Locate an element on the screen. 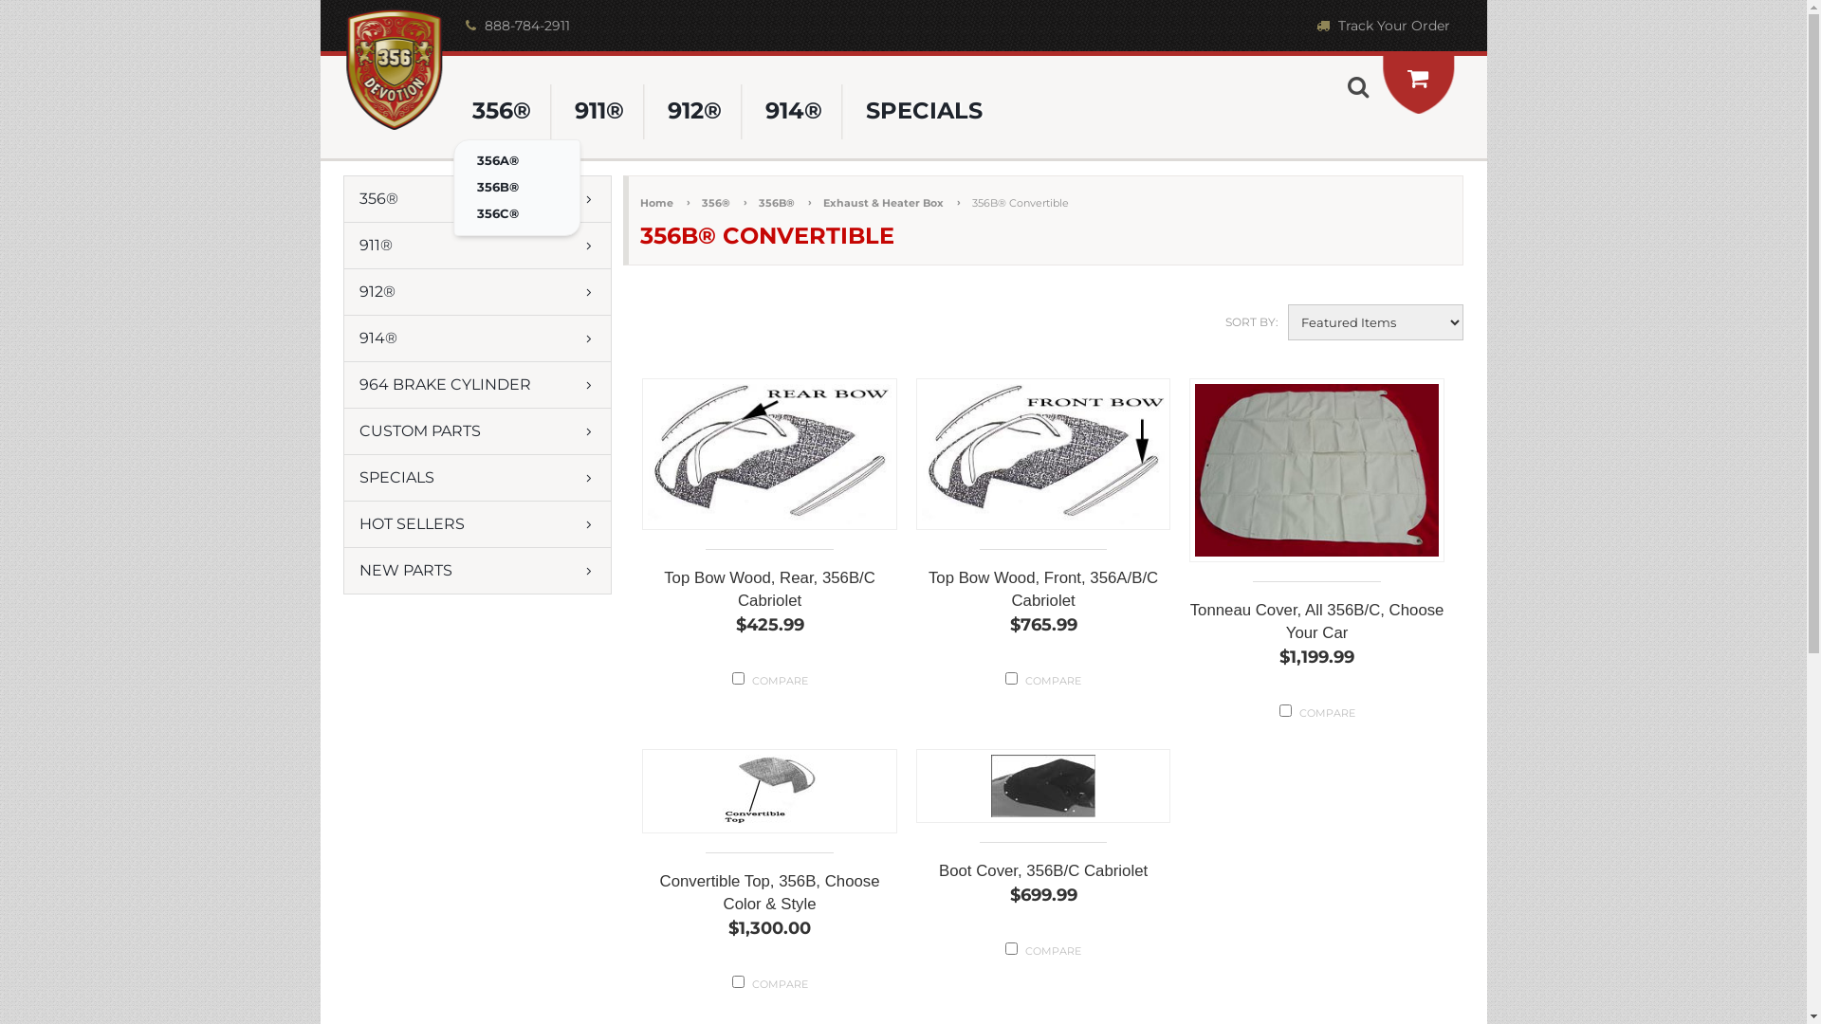 The height and width of the screenshot is (1024, 1821). 'Convertible Top, 356B, Choose Color & Style' is located at coordinates (769, 884).